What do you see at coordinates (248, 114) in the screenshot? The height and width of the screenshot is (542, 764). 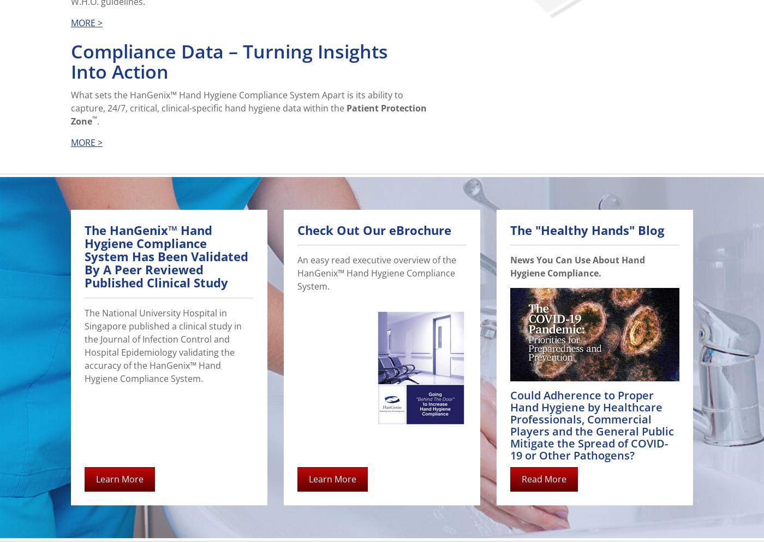 I see `'Patient Protection Zone'` at bounding box center [248, 114].